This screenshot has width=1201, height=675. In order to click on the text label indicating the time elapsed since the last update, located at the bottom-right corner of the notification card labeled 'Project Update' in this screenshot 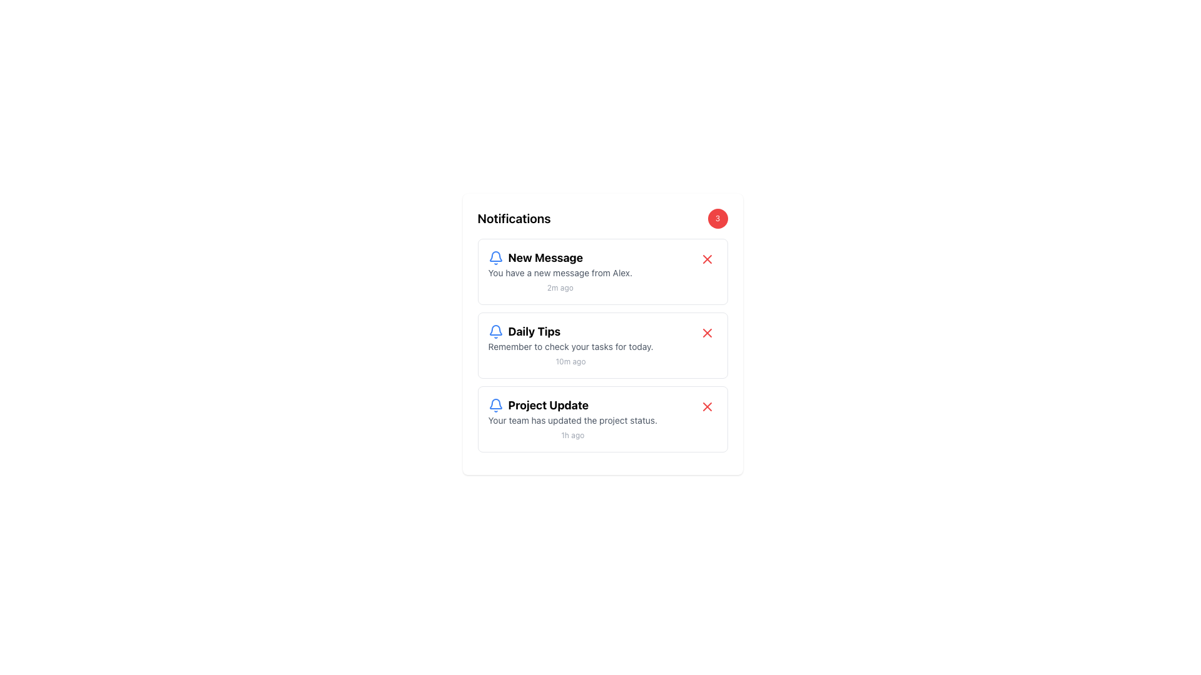, I will do `click(572, 434)`.